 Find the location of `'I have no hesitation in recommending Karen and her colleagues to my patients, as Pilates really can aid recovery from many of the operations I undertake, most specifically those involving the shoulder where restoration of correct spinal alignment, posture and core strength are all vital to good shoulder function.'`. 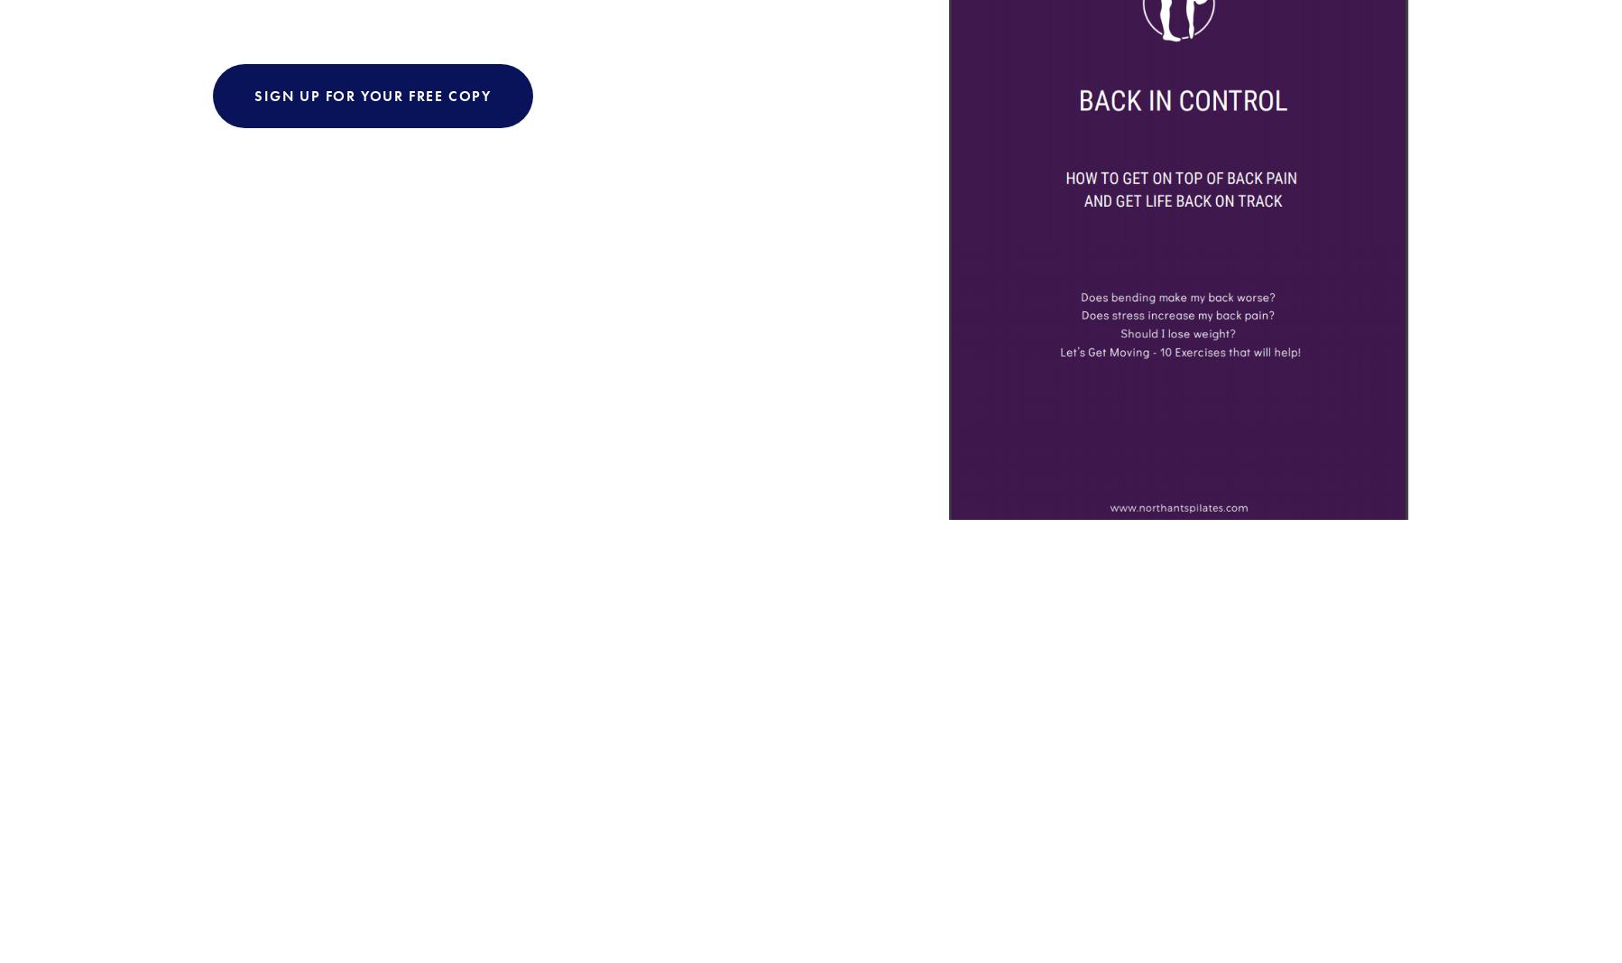

'I have no hesitation in recommending Karen and her colleagues to my patients, as Pilates really can aid recovery from many of the operations I undertake, most specifically those involving the shoulder where restoration of correct spinal alignment, posture and core strength are all vital to good shoulder function.' is located at coordinates (813, 722).